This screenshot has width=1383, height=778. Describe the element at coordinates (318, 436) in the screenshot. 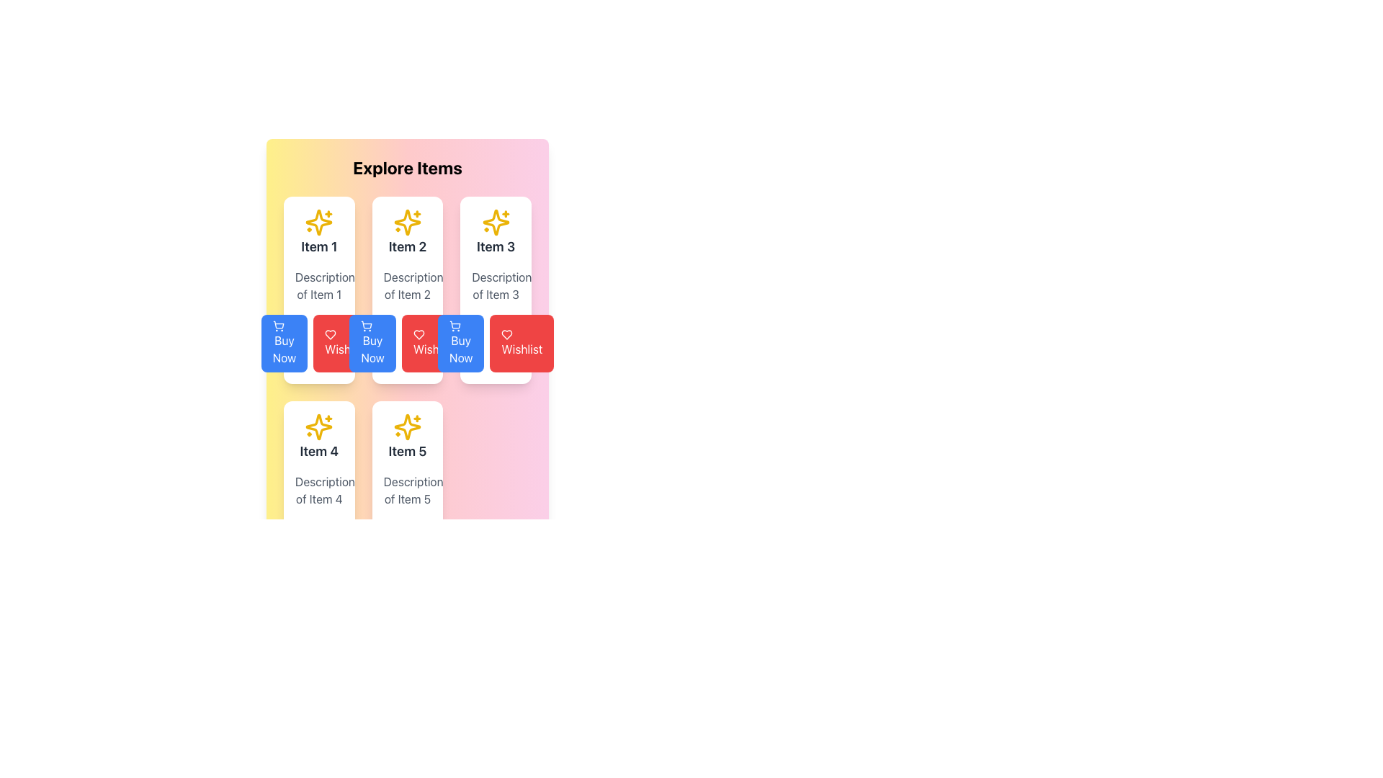

I see `the label for 'Item 4', which is the fourth item in the vertically arranged grid below the 'Explore Items' header` at that location.